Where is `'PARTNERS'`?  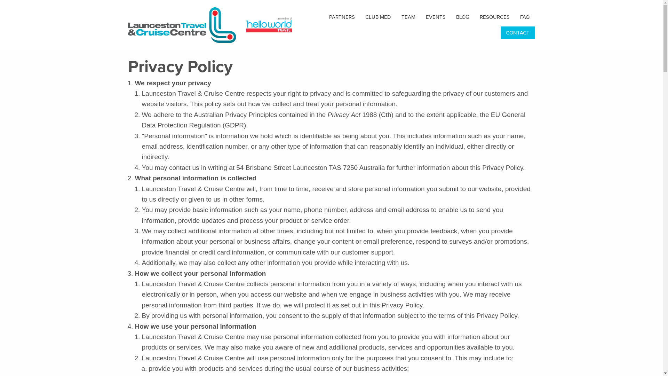 'PARTNERS' is located at coordinates (324, 17).